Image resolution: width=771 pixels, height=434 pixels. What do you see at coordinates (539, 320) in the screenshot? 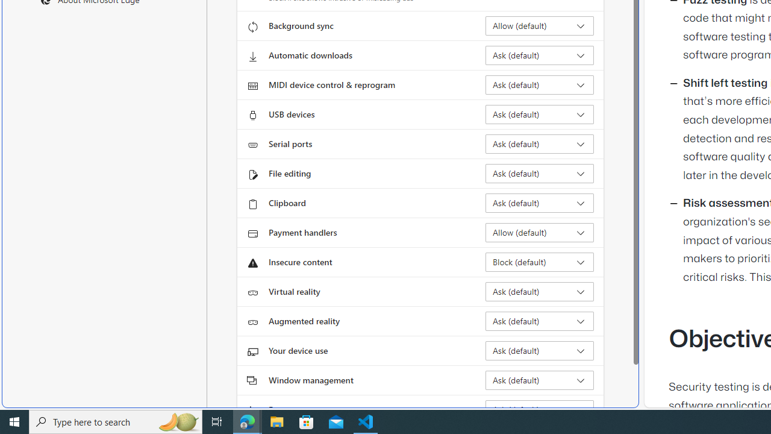
I see `'Augmented reality Ask (default)'` at bounding box center [539, 320].